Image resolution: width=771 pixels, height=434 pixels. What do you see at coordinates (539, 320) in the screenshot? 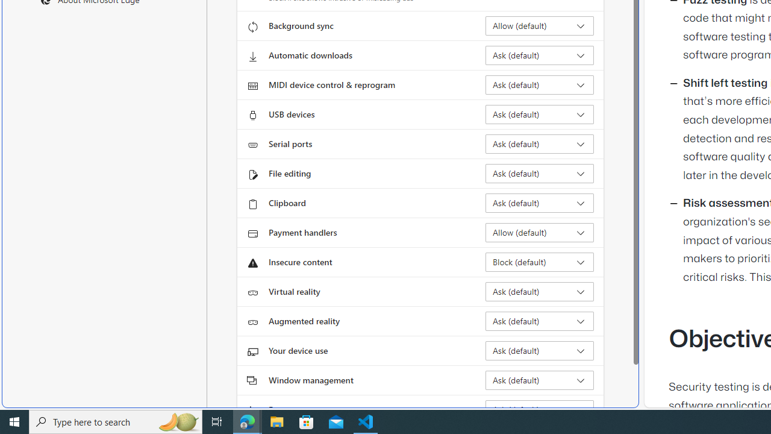
I see `'Augmented reality Ask (default)'` at bounding box center [539, 320].